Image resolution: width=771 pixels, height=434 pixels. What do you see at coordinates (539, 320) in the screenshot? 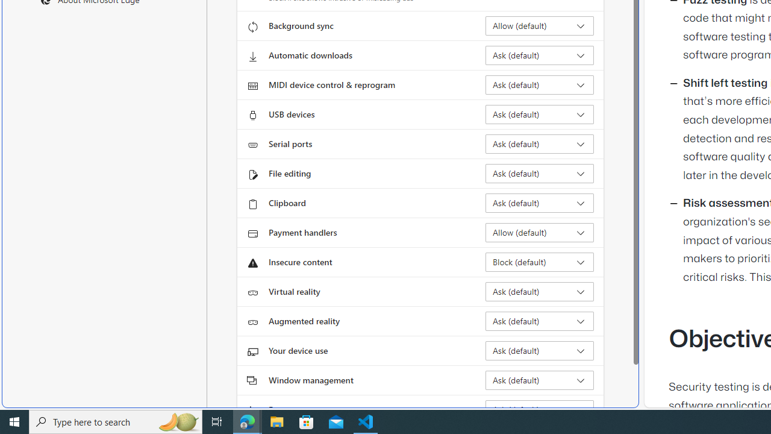
I see `'Augmented reality Ask (default)'` at bounding box center [539, 320].